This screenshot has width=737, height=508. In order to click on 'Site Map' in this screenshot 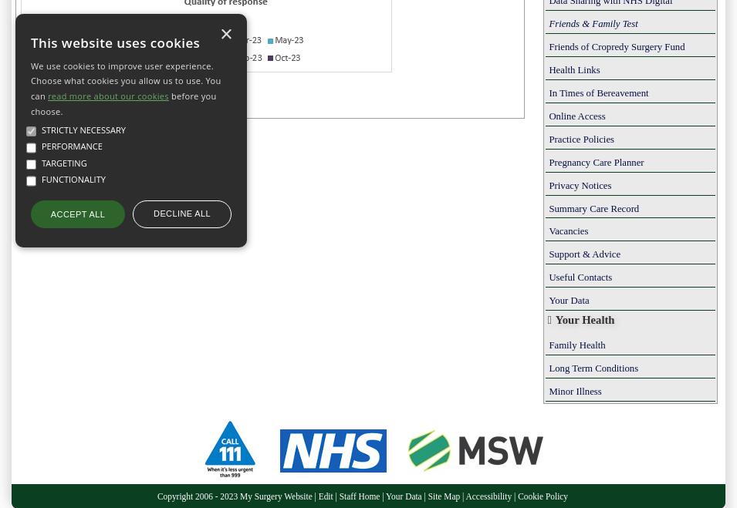, I will do `click(444, 494)`.